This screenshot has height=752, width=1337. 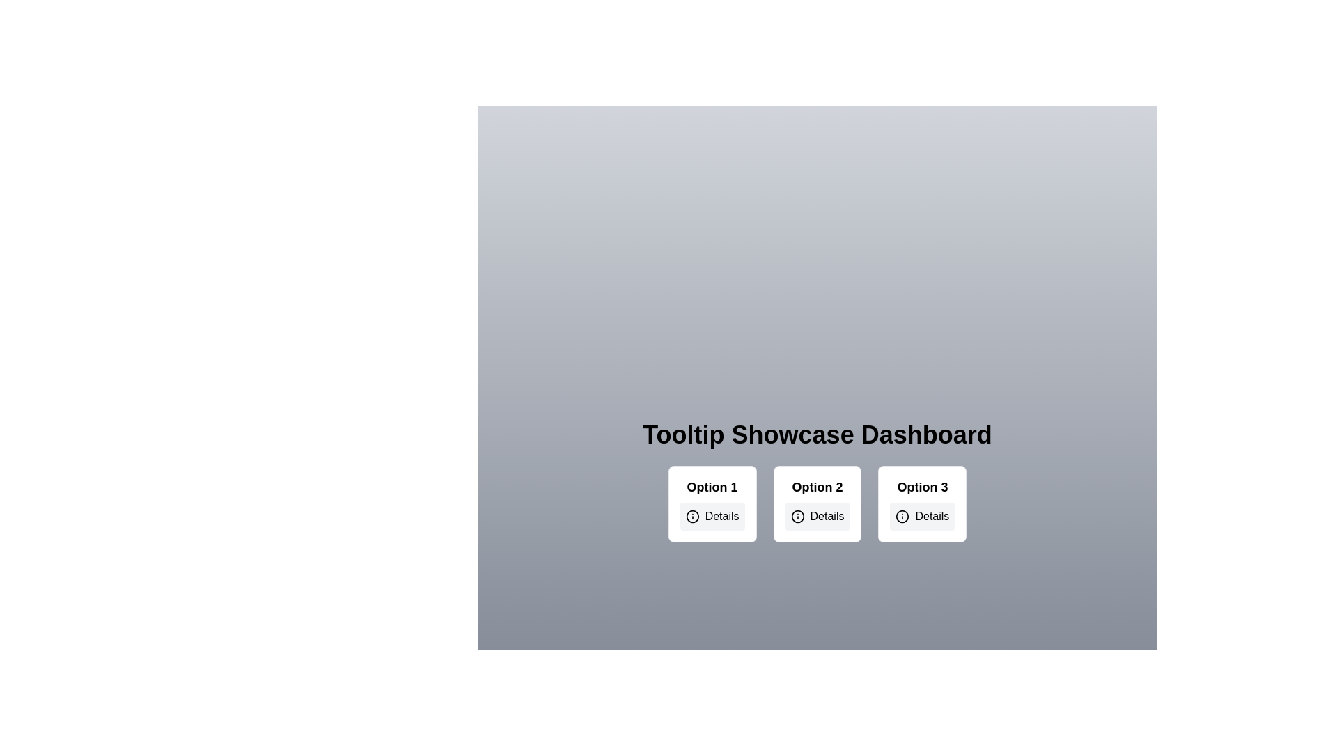 What do you see at coordinates (797, 516) in the screenshot?
I see `the SVG circle representing the information icon located in the 'Option 2' card area, specifically above the 'Details' text` at bounding box center [797, 516].